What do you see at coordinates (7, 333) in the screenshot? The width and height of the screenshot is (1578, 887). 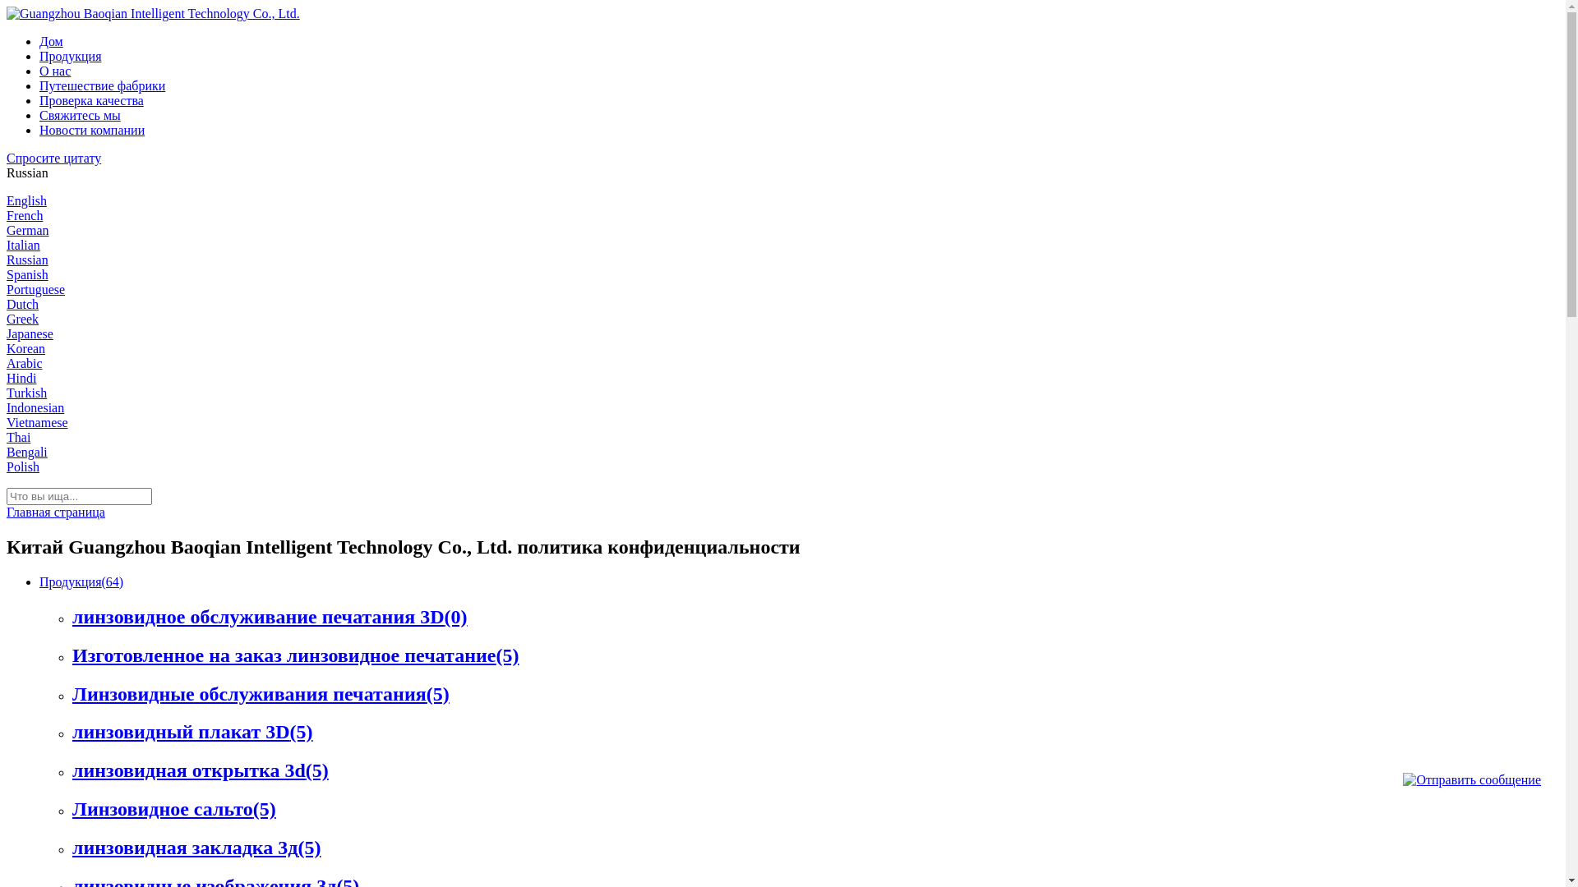 I see `'Japanese'` at bounding box center [7, 333].